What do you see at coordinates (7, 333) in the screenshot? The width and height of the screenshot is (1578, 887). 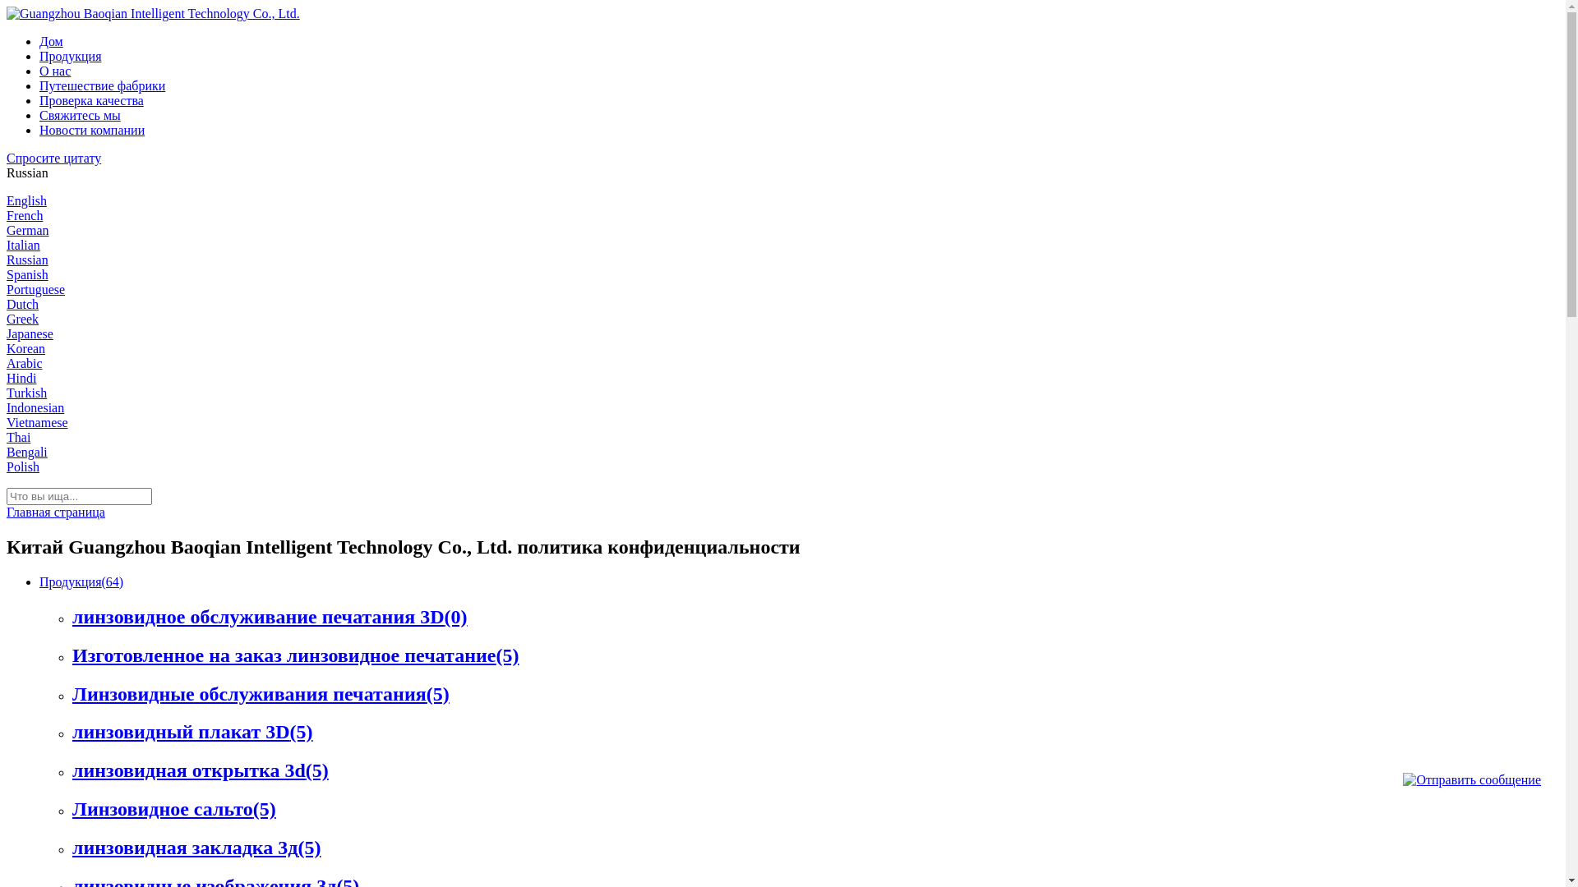 I see `'Japanese'` at bounding box center [7, 333].